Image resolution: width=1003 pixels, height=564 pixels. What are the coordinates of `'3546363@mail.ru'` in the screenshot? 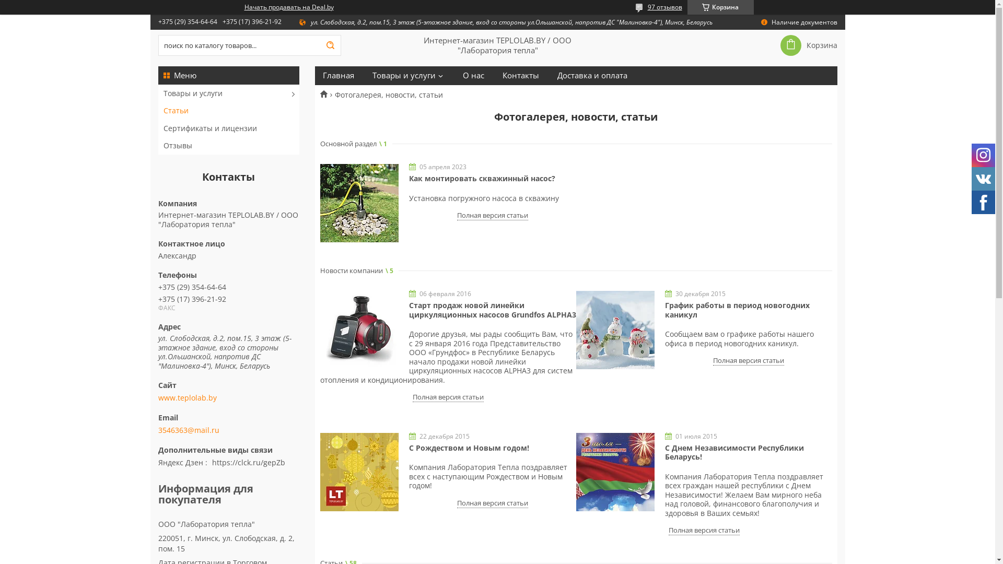 It's located at (188, 430).